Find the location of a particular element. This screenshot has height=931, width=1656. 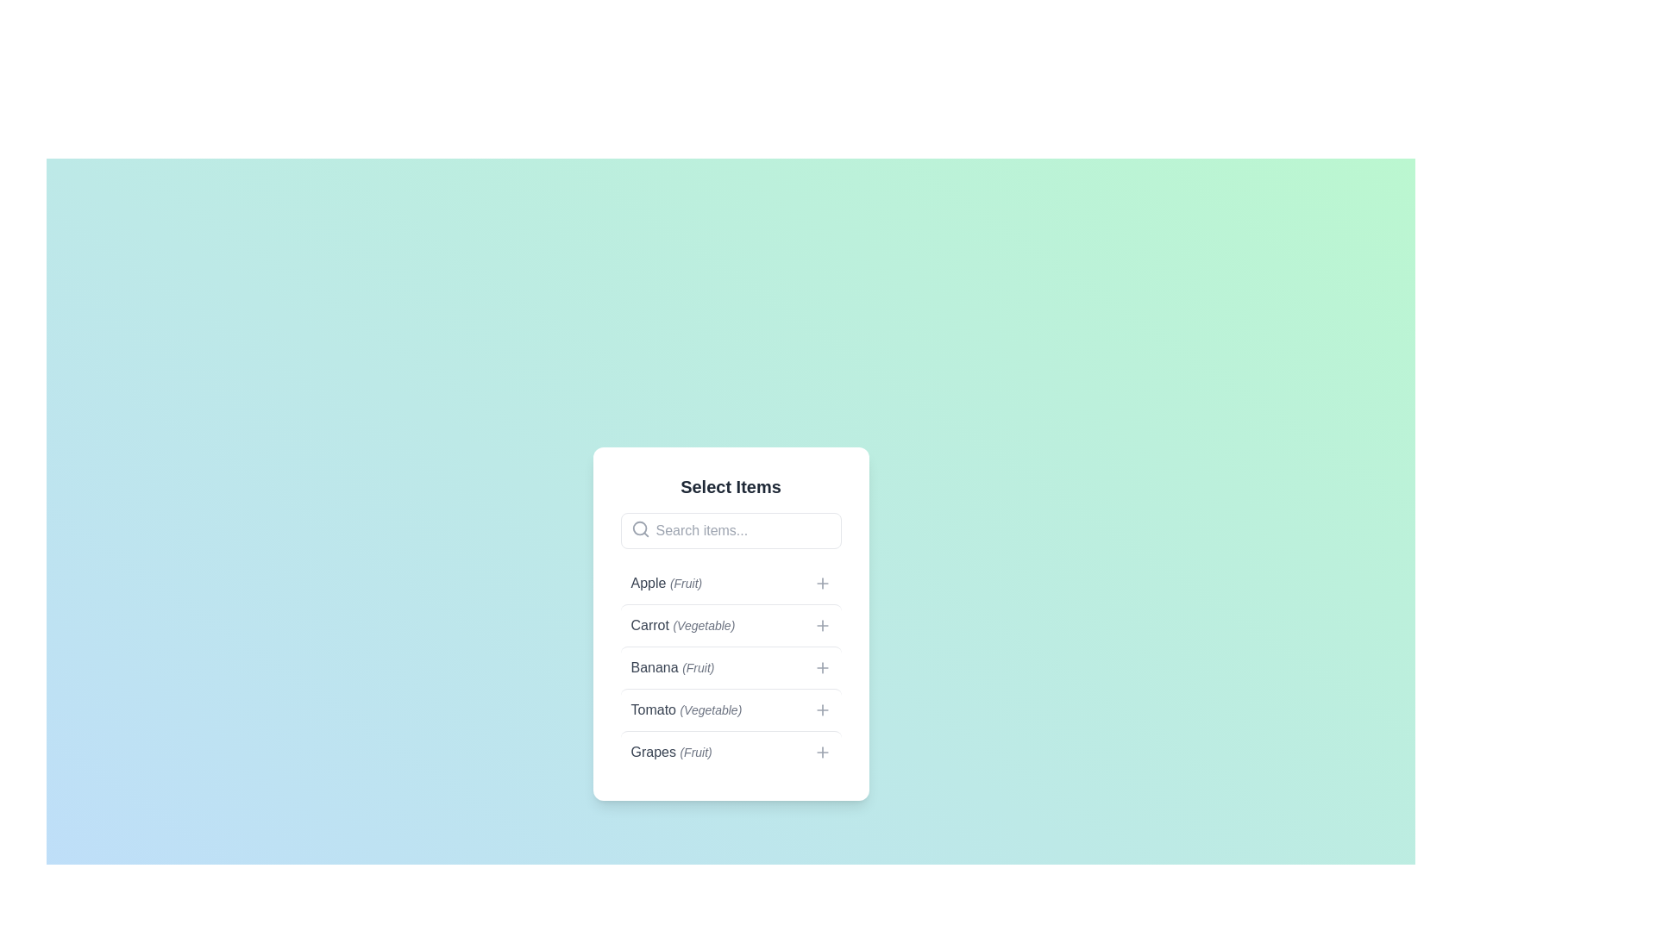

the plus icon associated with 'Grapes (Fruit)' is located at coordinates (821, 751).